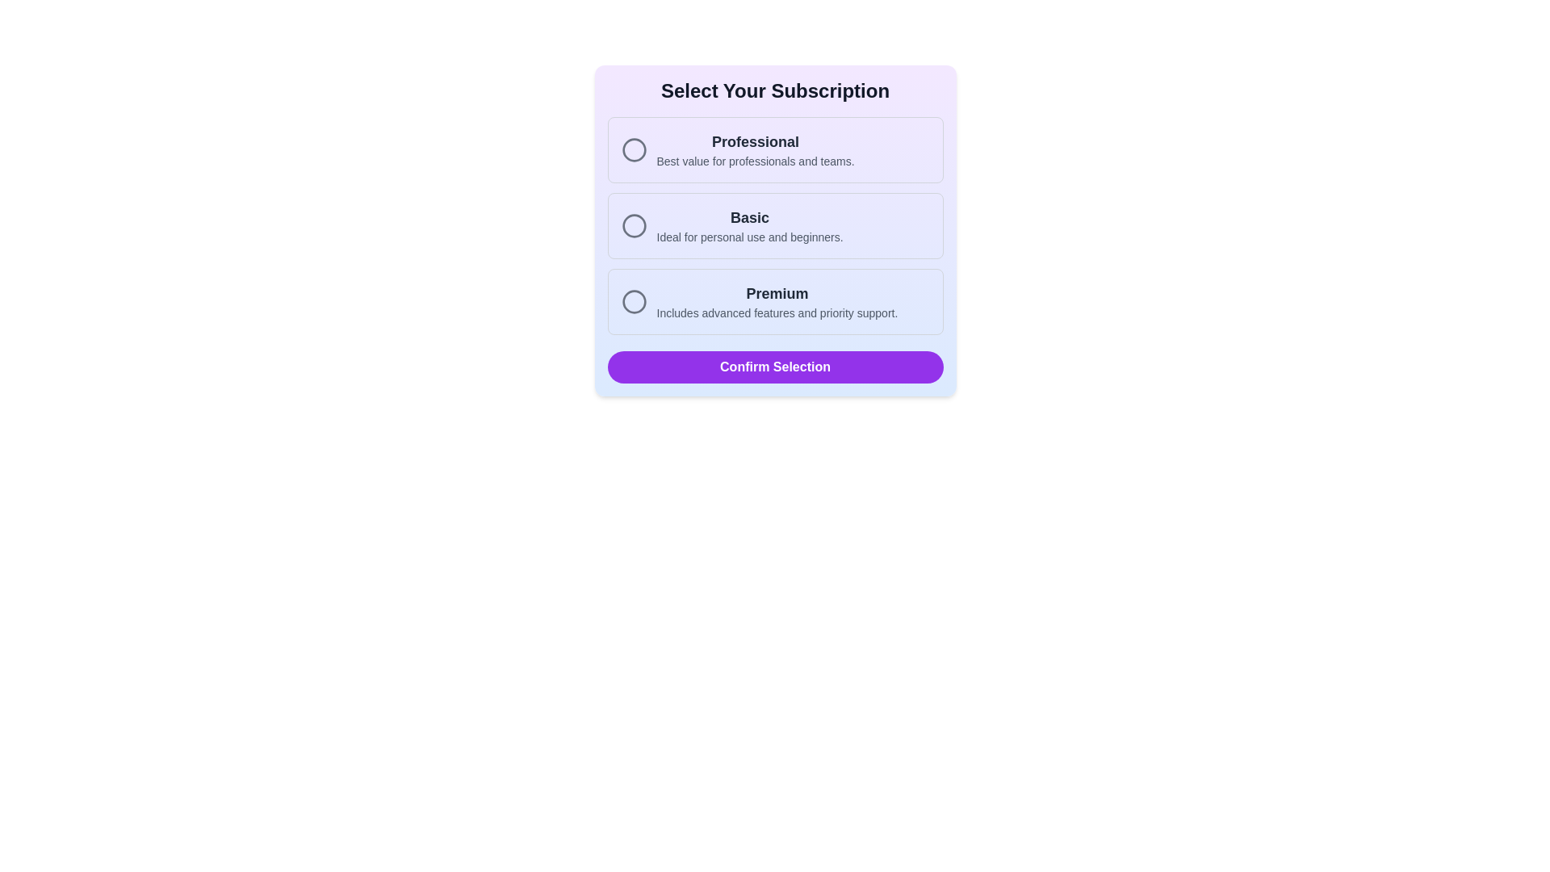 The image size is (1550, 872). What do you see at coordinates (633, 226) in the screenshot?
I see `the radio button for the 'Basic' subscription option` at bounding box center [633, 226].